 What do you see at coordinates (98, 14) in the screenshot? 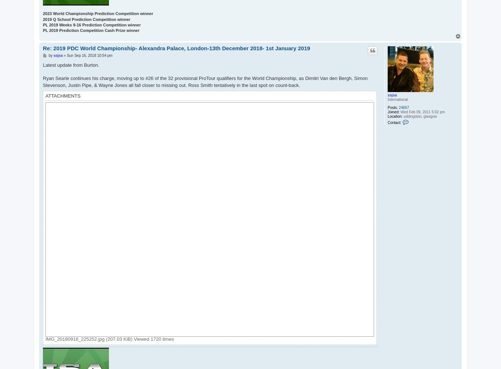
I see `'2023 World Championship  Prediction Competition winner'` at bounding box center [98, 14].